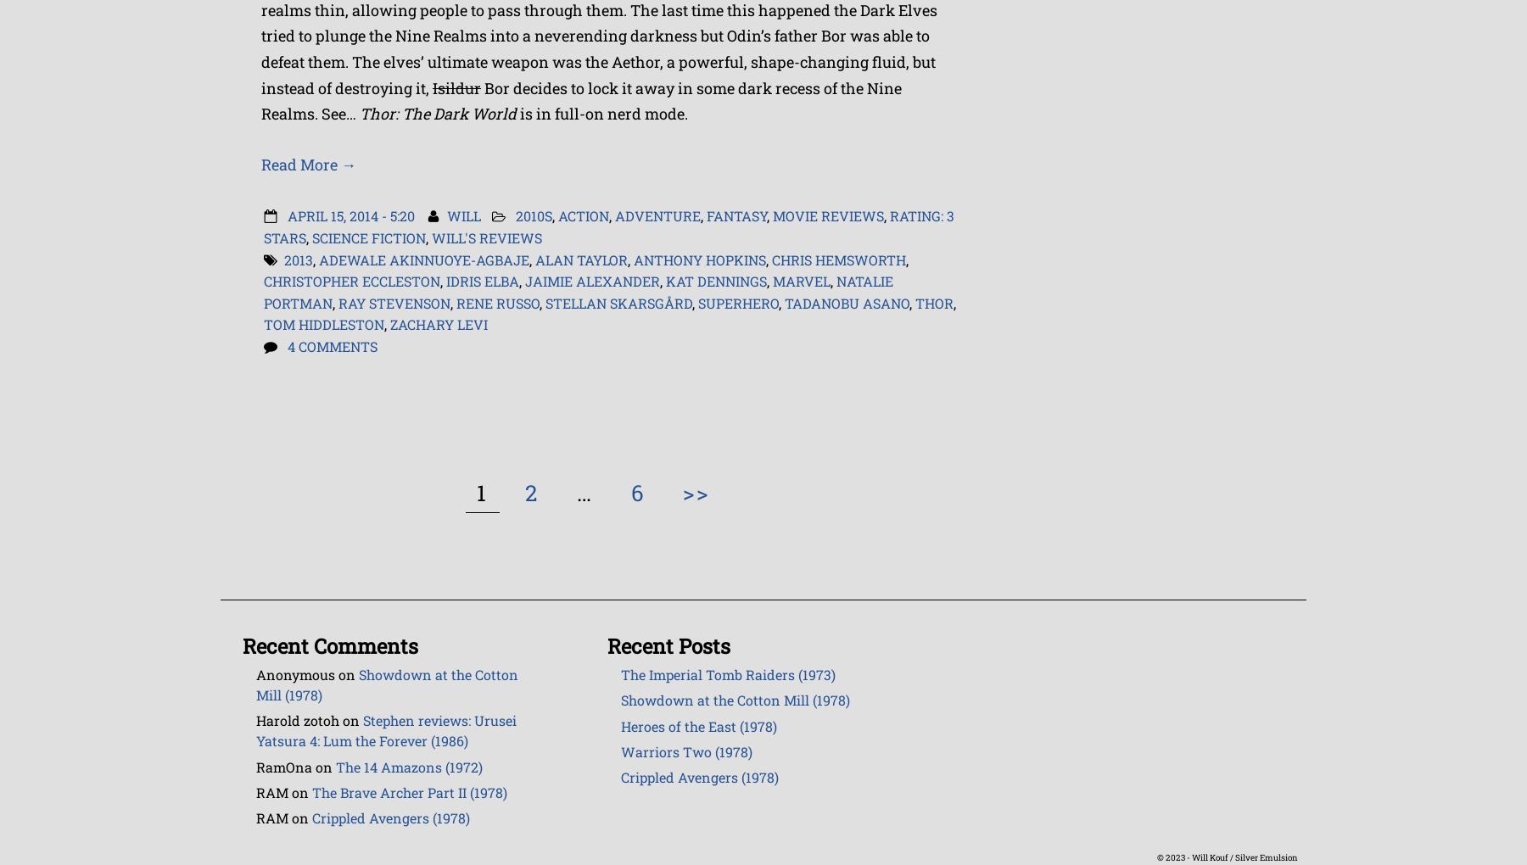  I want to click on 'Will's Reviews', so click(487, 236).